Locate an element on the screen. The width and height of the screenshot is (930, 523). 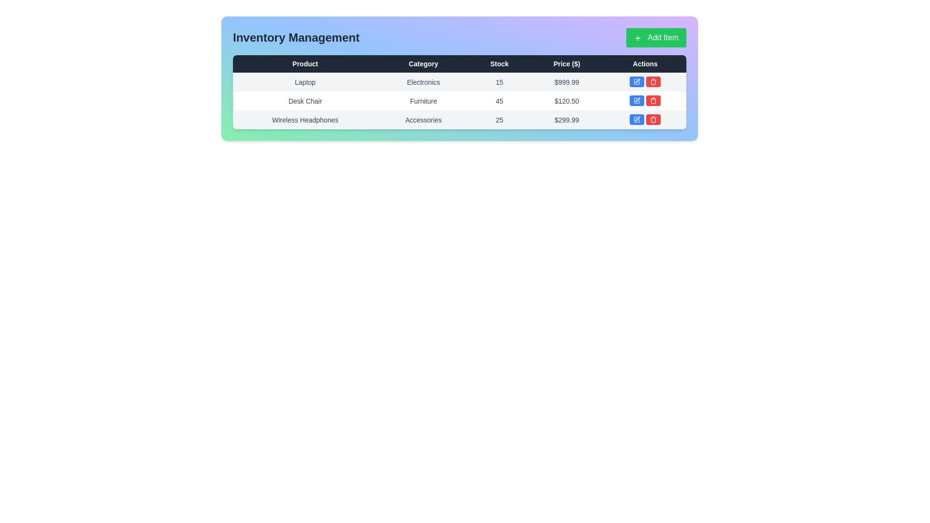
the Text Label that identifies the product name in the inventory management table, located in the third row under the 'Product' column is located at coordinates (305, 119).